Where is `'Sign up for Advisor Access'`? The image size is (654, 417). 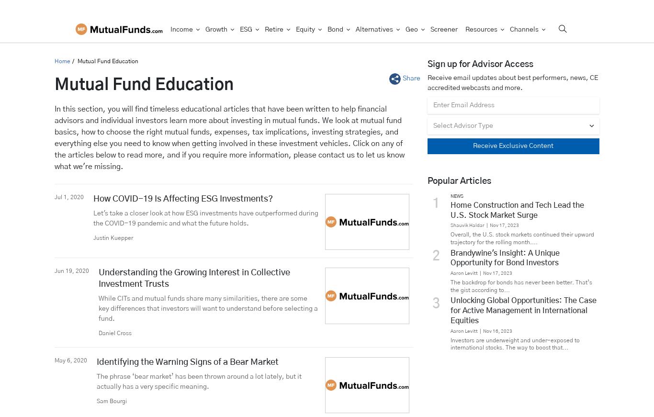
'Sign up for Advisor Access' is located at coordinates (480, 63).